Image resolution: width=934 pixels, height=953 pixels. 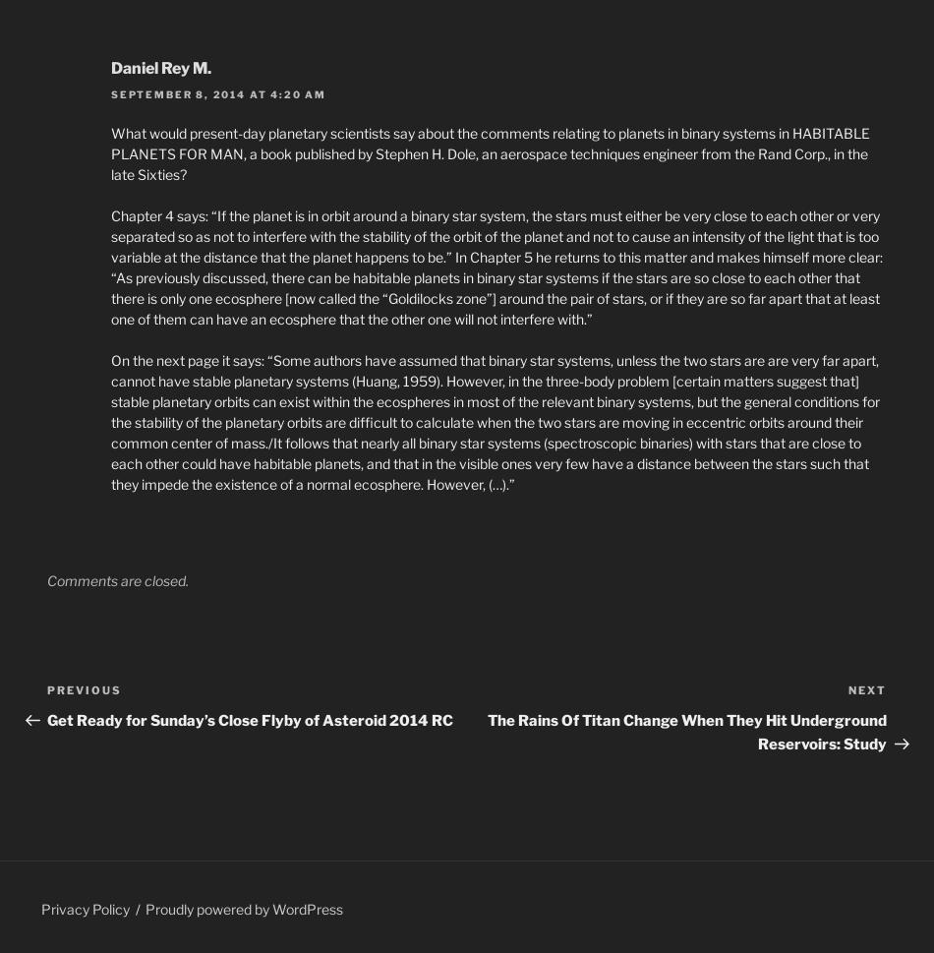 What do you see at coordinates (110, 92) in the screenshot?
I see `'September 8, 2014 at 4:20 AM'` at bounding box center [110, 92].